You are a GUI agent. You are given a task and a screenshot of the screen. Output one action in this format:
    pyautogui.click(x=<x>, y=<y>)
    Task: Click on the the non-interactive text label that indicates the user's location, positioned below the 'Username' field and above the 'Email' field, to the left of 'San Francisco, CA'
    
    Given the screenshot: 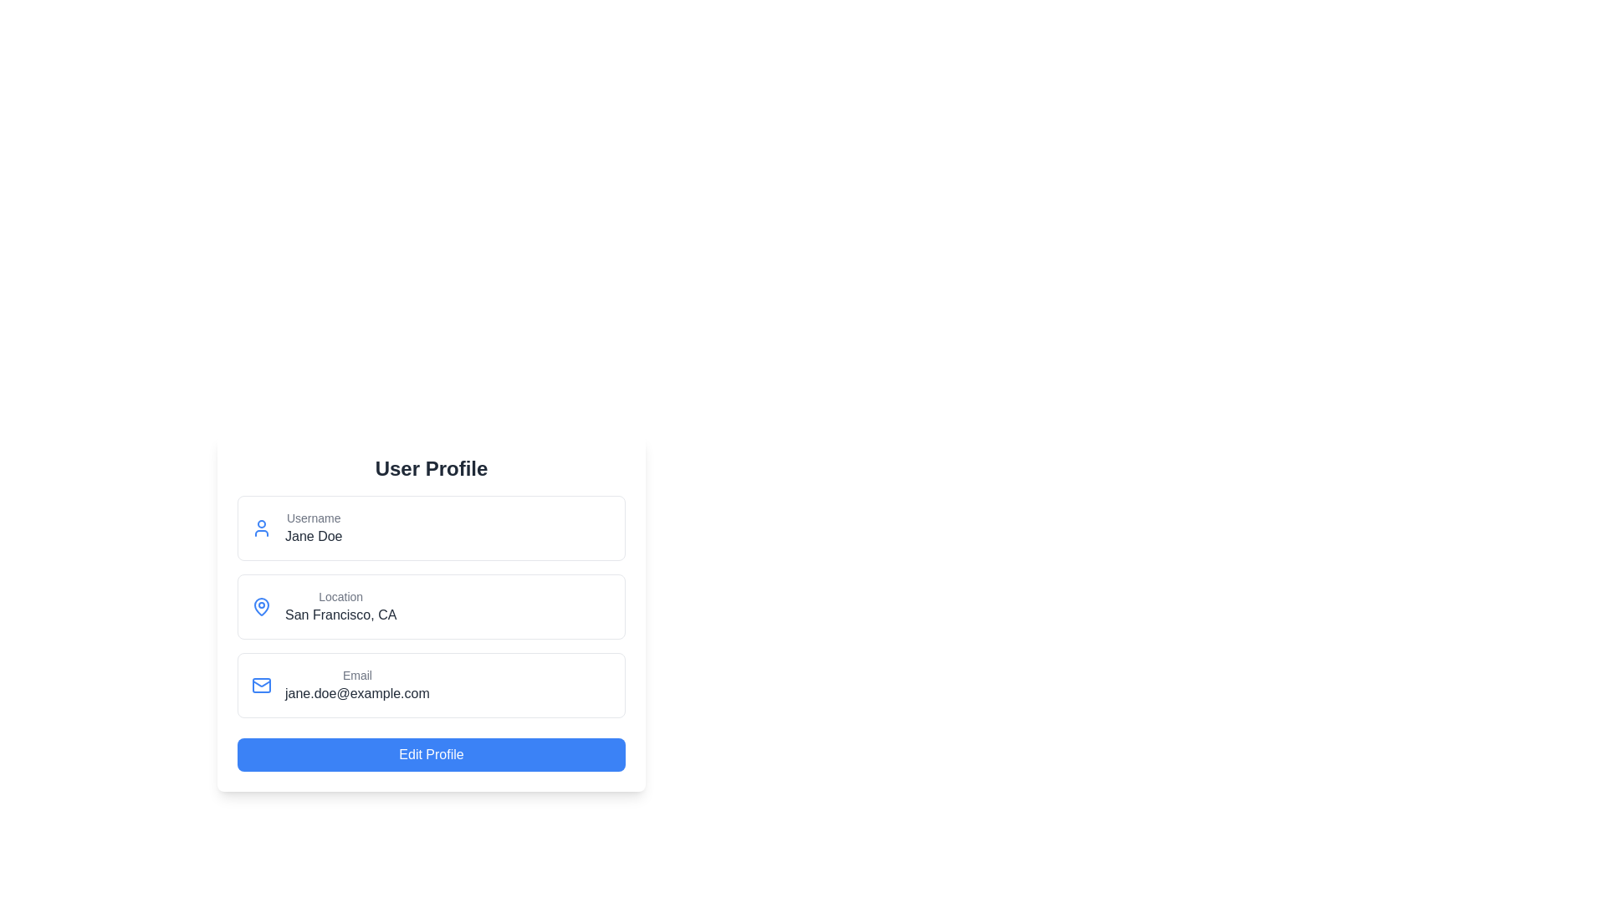 What is the action you would take?
    pyautogui.click(x=340, y=595)
    